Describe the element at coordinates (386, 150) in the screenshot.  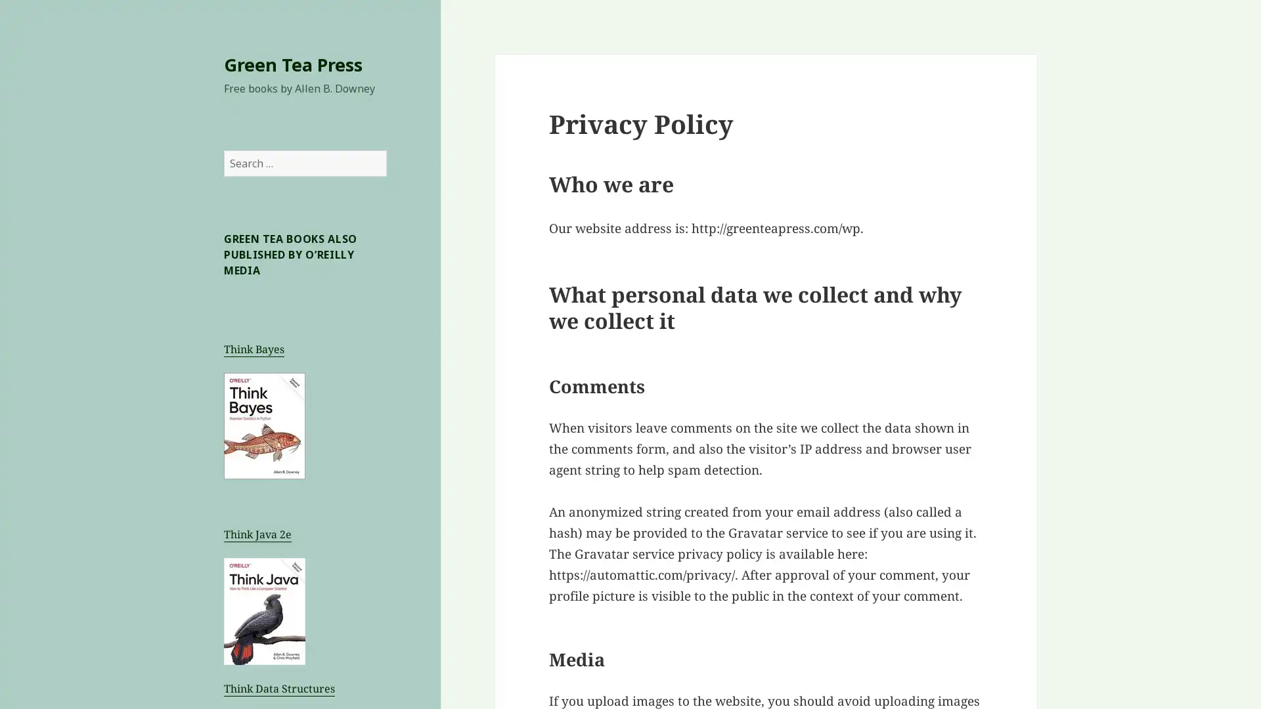
I see `Search` at that location.